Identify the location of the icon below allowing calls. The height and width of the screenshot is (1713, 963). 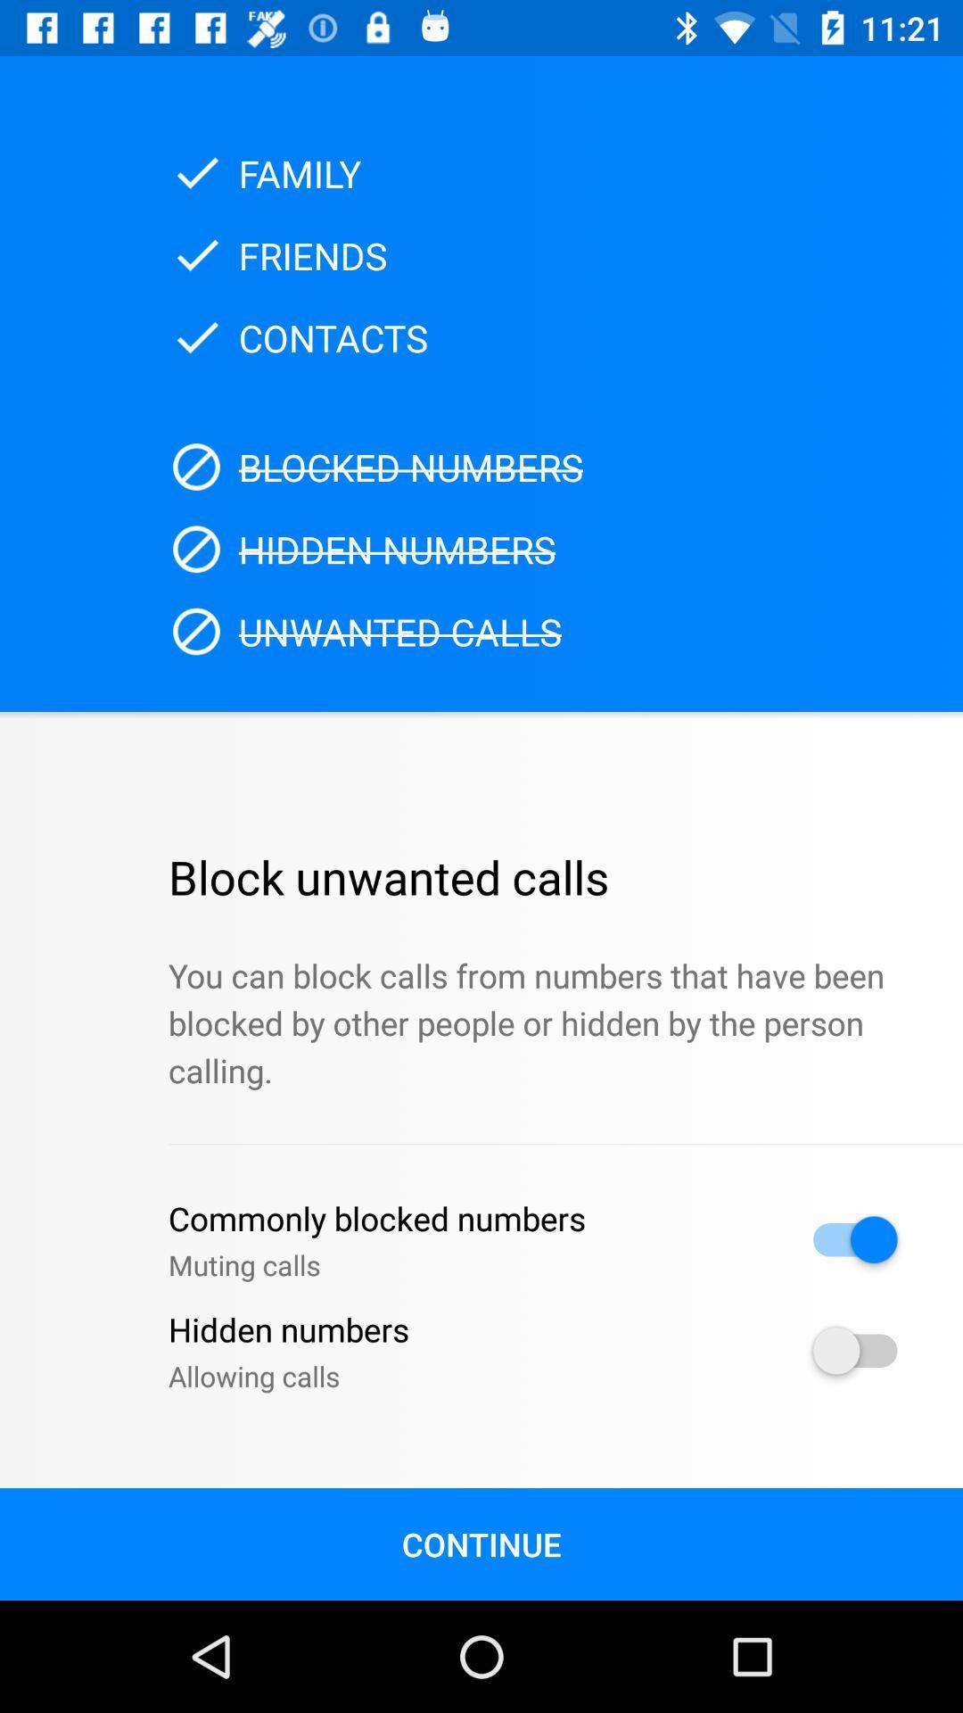
(481, 1543).